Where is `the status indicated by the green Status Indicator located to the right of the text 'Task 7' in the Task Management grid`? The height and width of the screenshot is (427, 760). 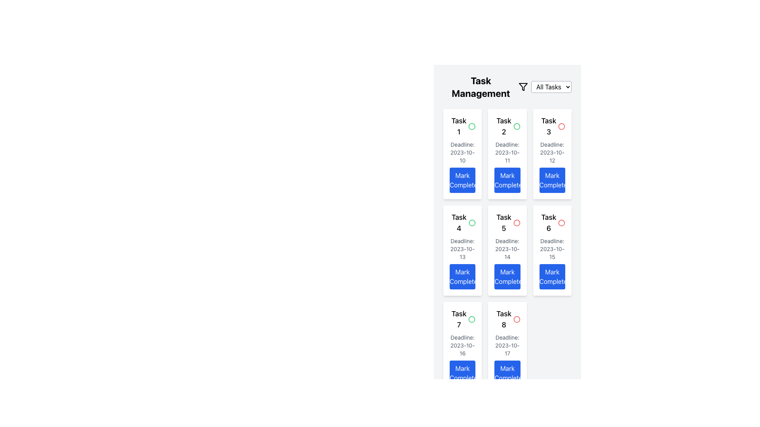
the status indicated by the green Status Indicator located to the right of the text 'Task 7' in the Task Management grid is located at coordinates (472, 319).